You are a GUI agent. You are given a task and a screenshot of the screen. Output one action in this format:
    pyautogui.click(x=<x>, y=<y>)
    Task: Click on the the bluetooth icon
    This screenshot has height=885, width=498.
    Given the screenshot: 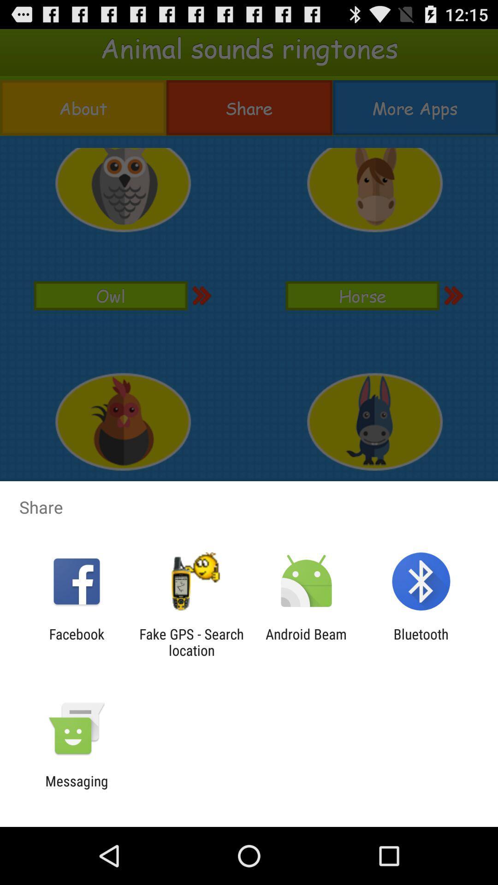 What is the action you would take?
    pyautogui.click(x=421, y=642)
    